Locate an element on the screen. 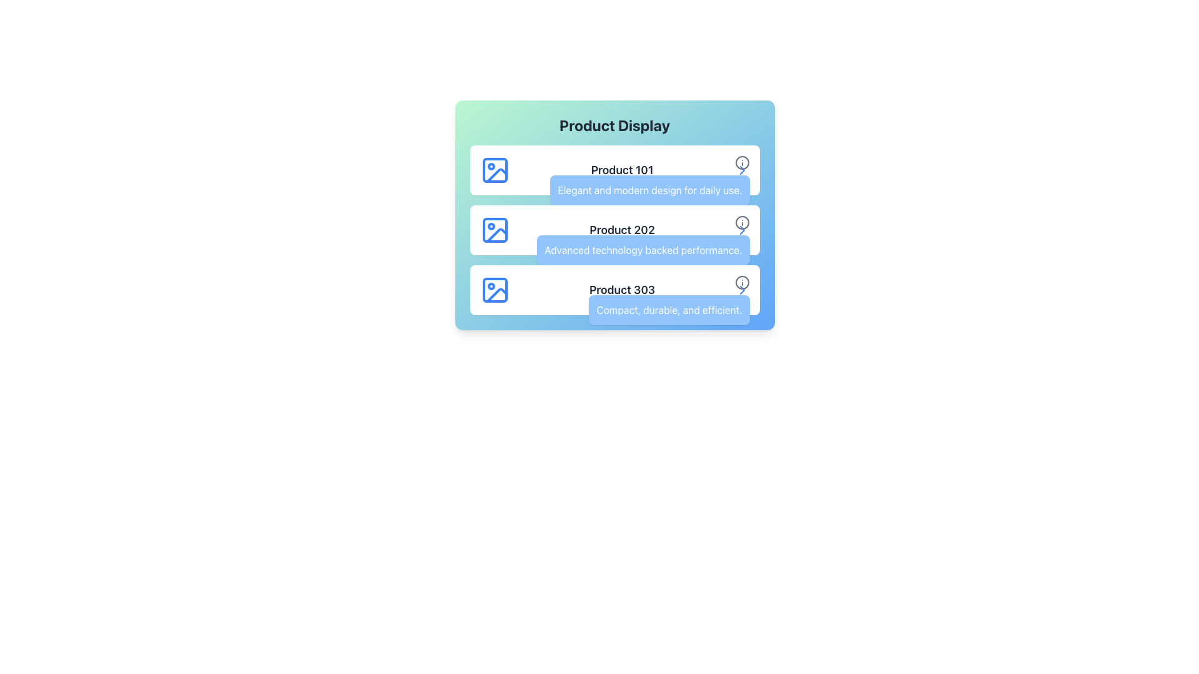 This screenshot has width=1199, height=674. the square-shaped icon with a mountain and sun motif, located on the left side of 'Product 303' in the 'Product Display' list is located at coordinates (494, 290).